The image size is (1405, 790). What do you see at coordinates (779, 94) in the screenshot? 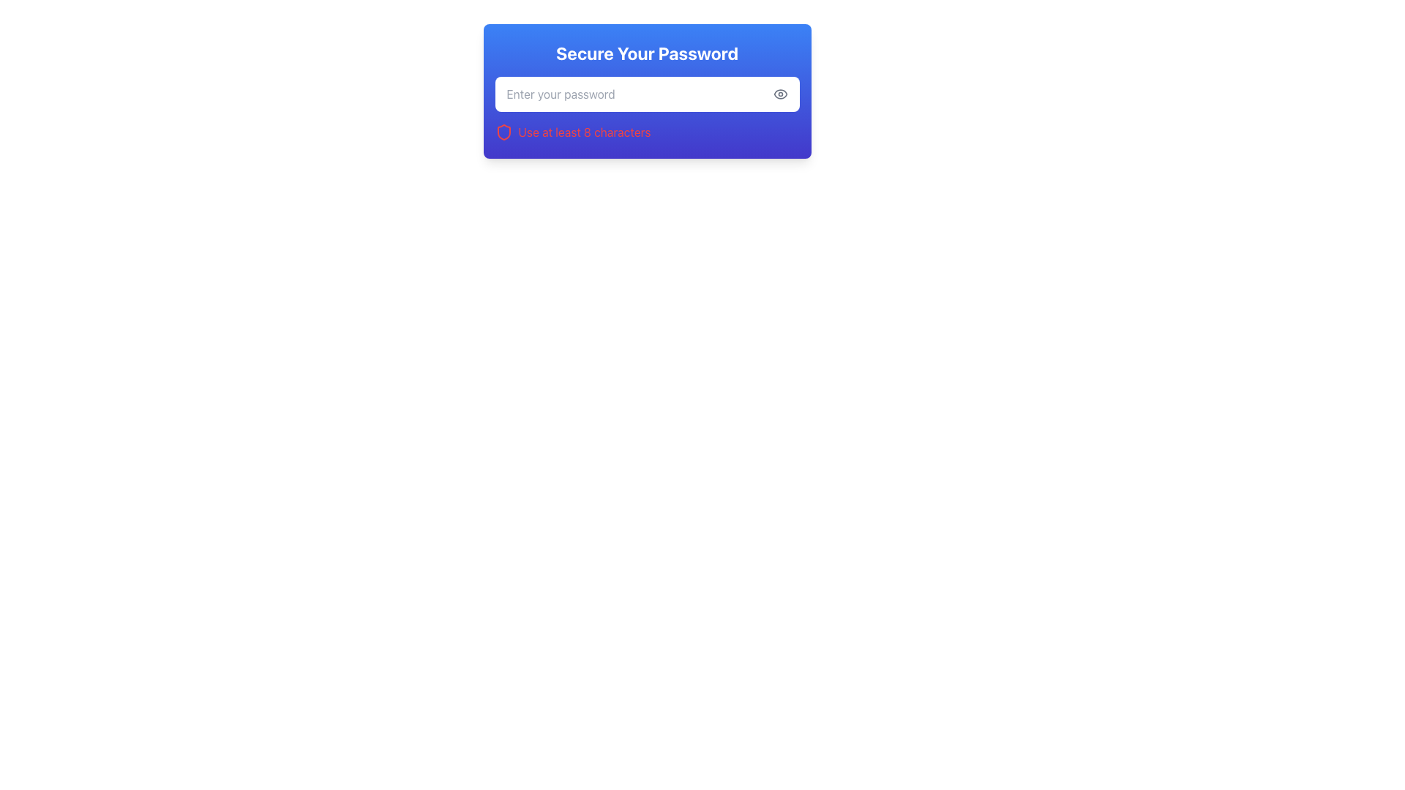
I see `the eye icon element that serves as a visibility toggle for the password field` at bounding box center [779, 94].